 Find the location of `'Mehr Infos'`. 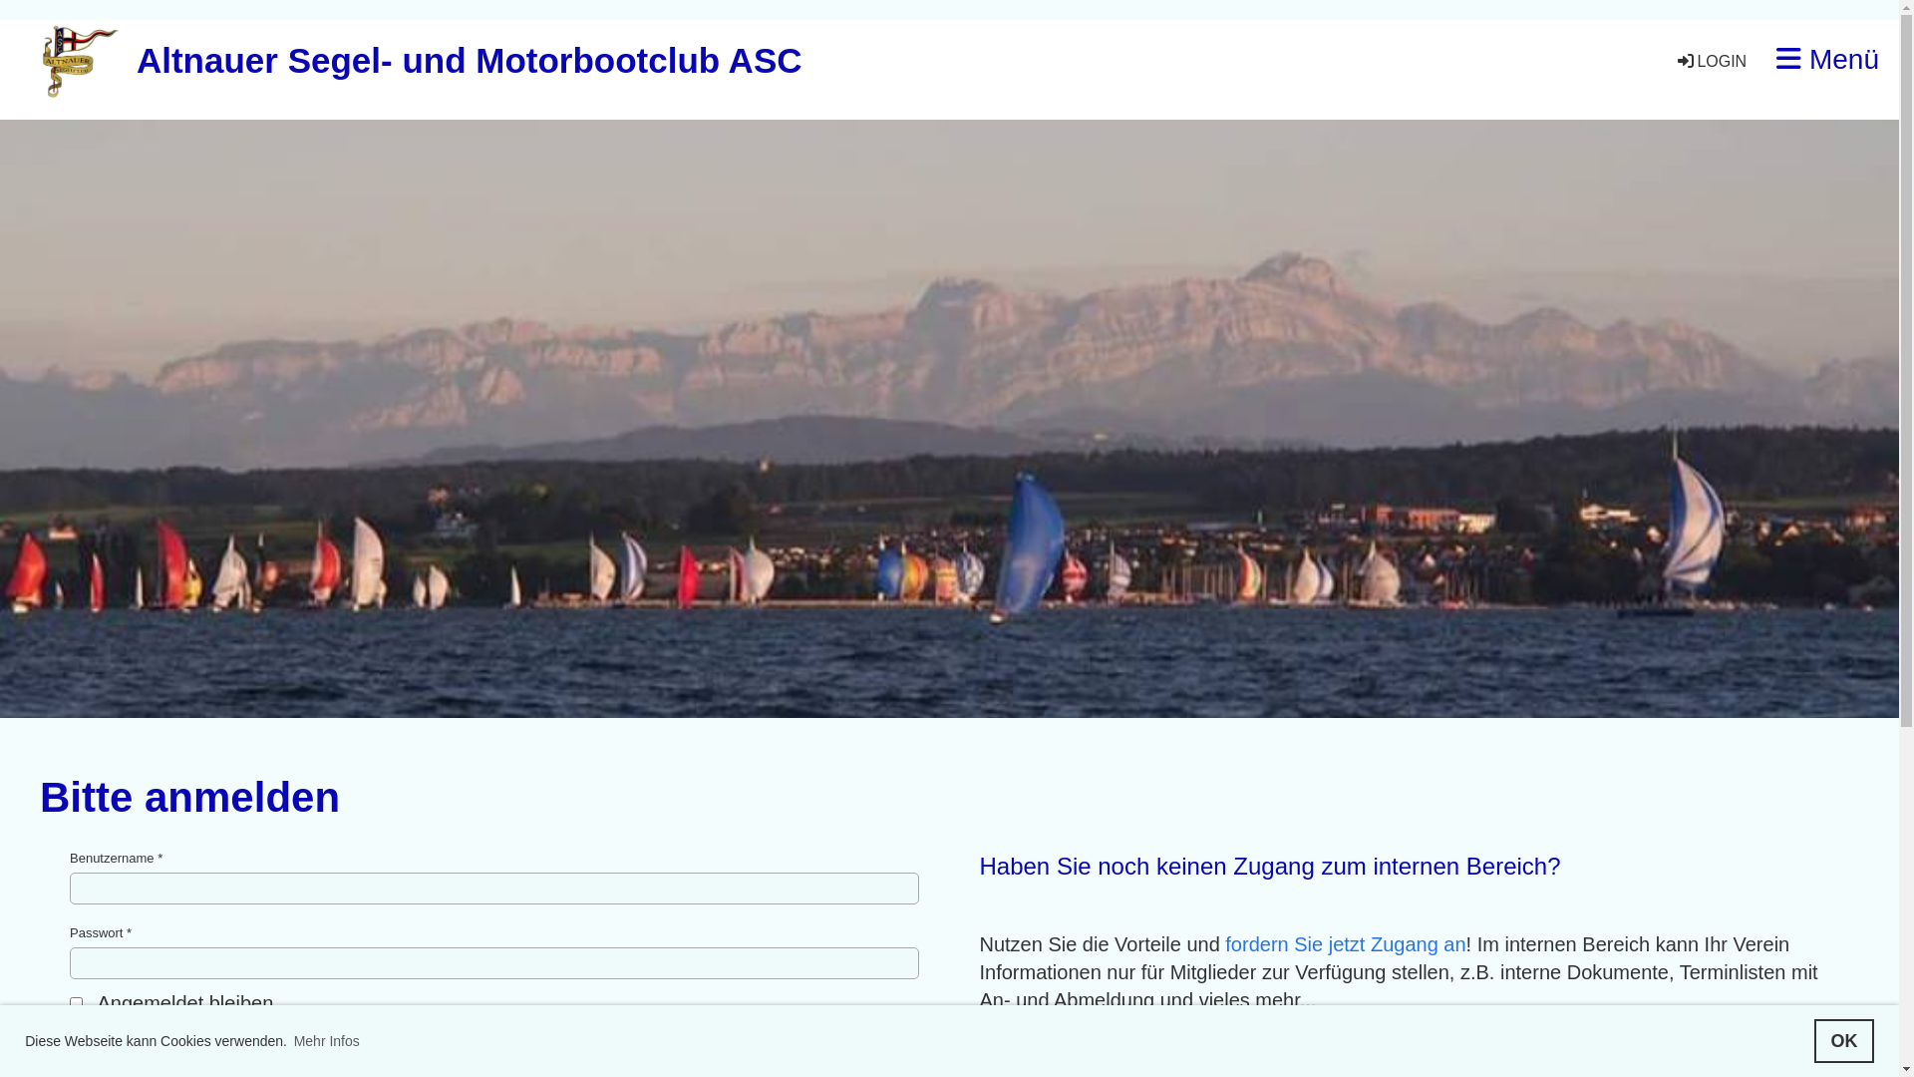

'Mehr Infos' is located at coordinates (290, 1040).